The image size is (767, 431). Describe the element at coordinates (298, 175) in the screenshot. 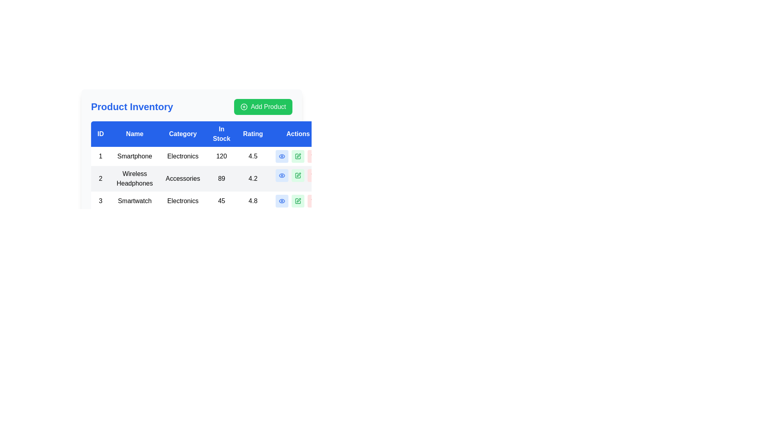

I see `the edit button located in the actions column of the second row, which is positioned between a blue eye icon button and a red trash icon button` at that location.